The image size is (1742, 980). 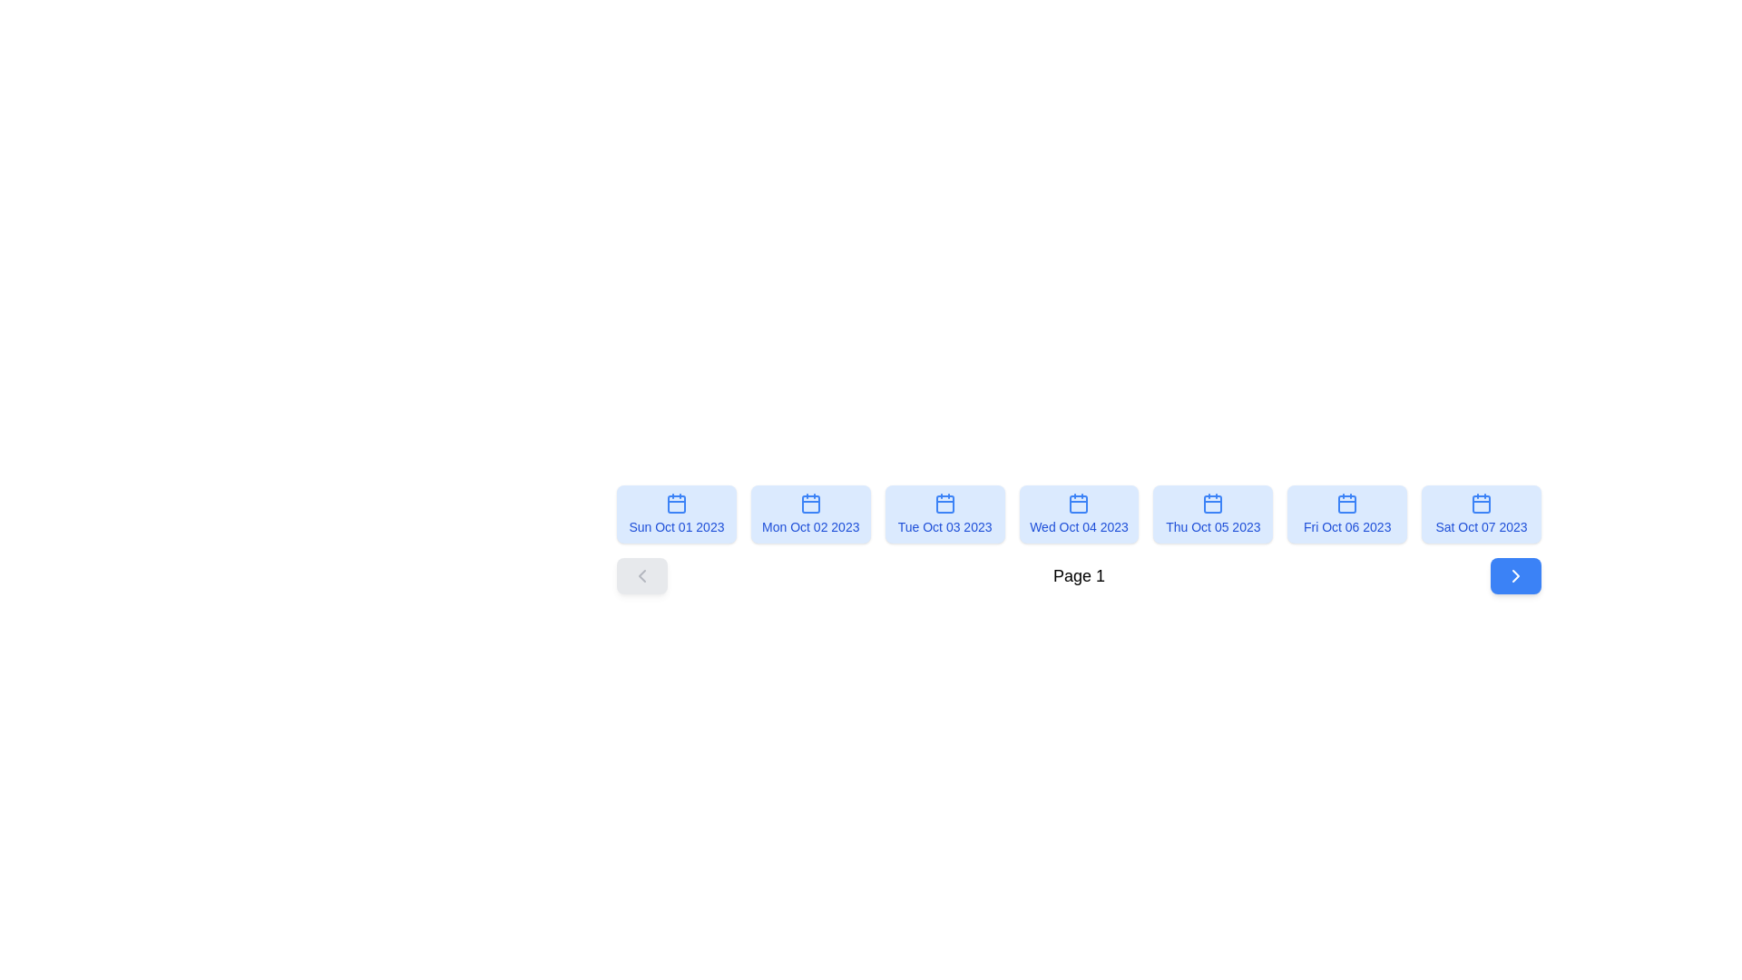 I want to click on the sixth date label in the horizontally-arranged list of date containers, located below the calendar icon, so click(x=1347, y=527).